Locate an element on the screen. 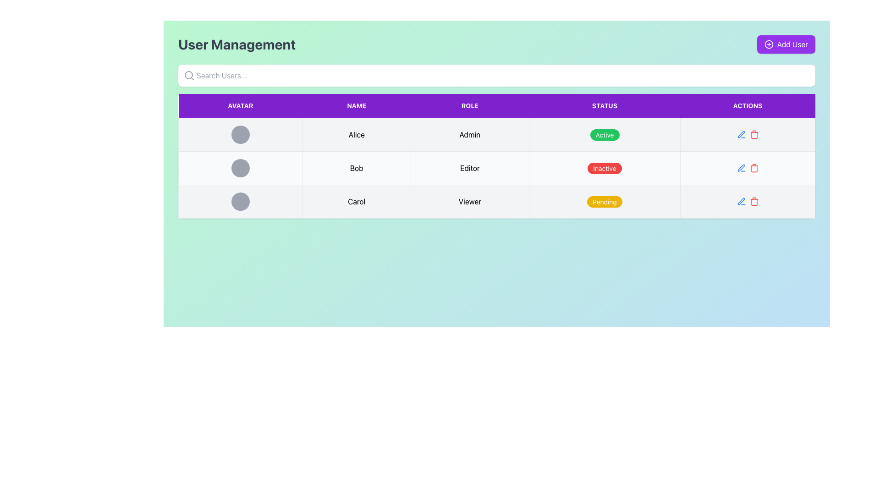 Image resolution: width=880 pixels, height=495 pixels. the text label displaying the name 'Carol' to possibly see a tooltip is located at coordinates (356, 201).